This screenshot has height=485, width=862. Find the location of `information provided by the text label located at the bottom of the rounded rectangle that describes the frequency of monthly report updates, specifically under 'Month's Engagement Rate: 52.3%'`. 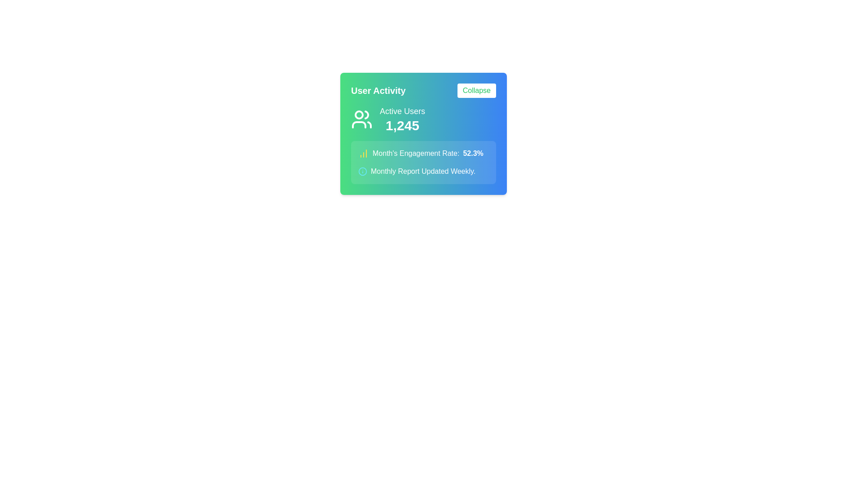

information provided by the text label located at the bottom of the rounded rectangle that describes the frequency of monthly report updates, specifically under 'Month's Engagement Rate: 52.3%' is located at coordinates (423, 171).